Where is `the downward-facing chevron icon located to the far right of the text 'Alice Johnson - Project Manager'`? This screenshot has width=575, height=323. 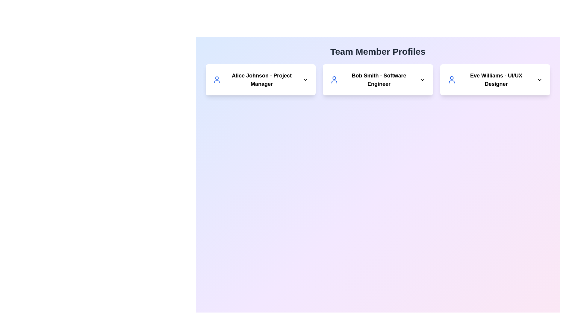 the downward-facing chevron icon located to the far right of the text 'Alice Johnson - Project Manager' is located at coordinates (305, 79).